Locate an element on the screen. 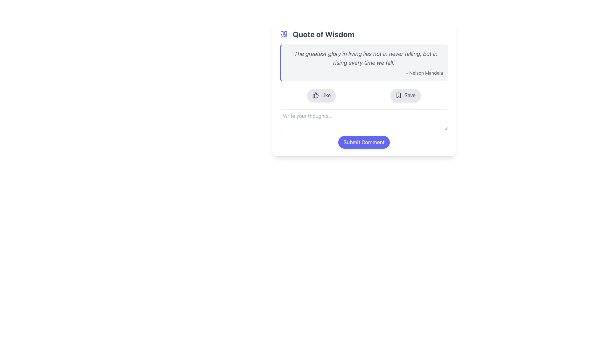  the modern blue quotation mark icon located to the left of the 'Quote of Wisdom' heading is located at coordinates (284, 34).